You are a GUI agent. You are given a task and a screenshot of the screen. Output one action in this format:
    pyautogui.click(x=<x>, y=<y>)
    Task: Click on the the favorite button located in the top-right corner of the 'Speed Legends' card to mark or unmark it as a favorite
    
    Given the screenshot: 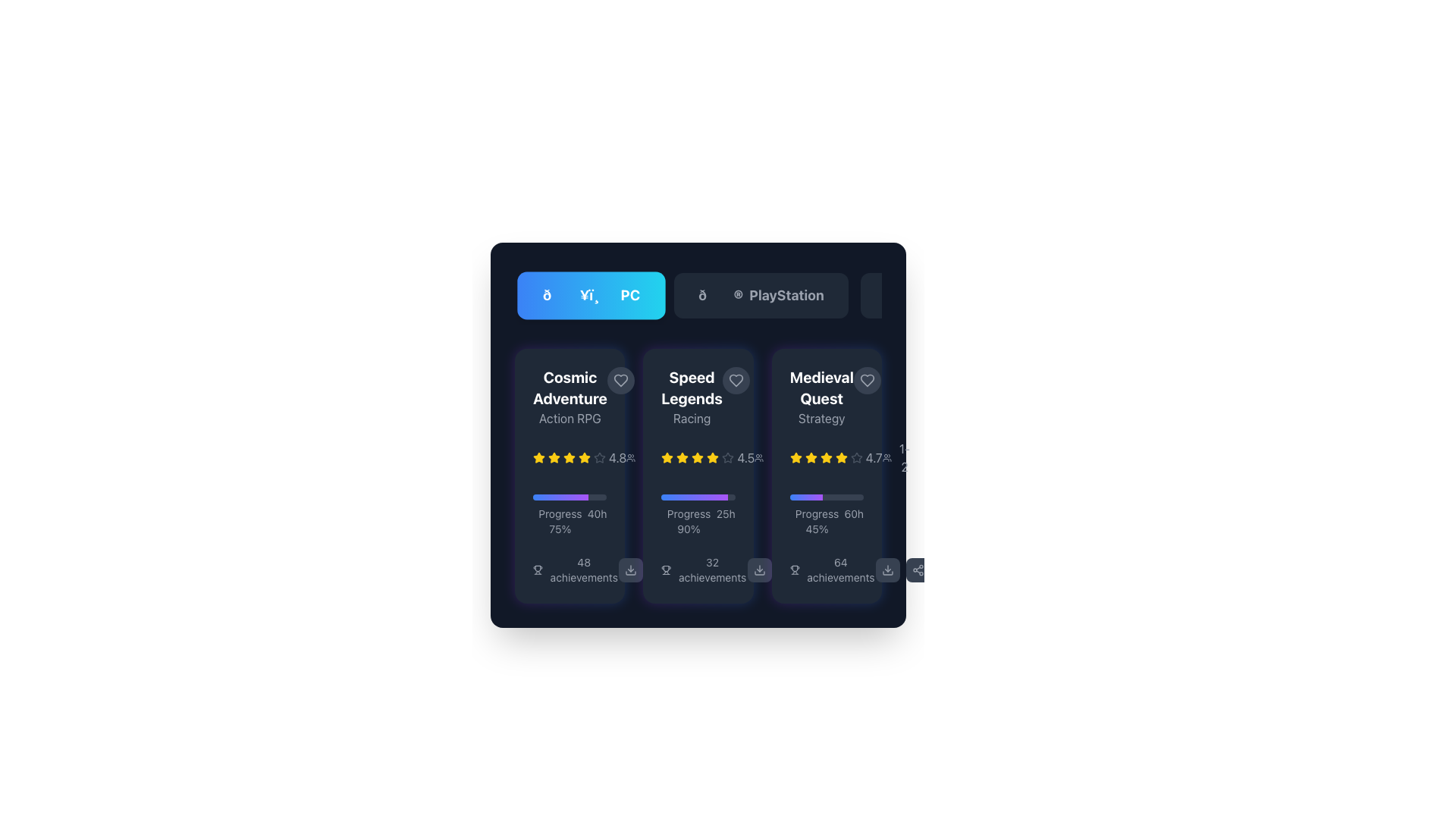 What is the action you would take?
    pyautogui.click(x=736, y=379)
    